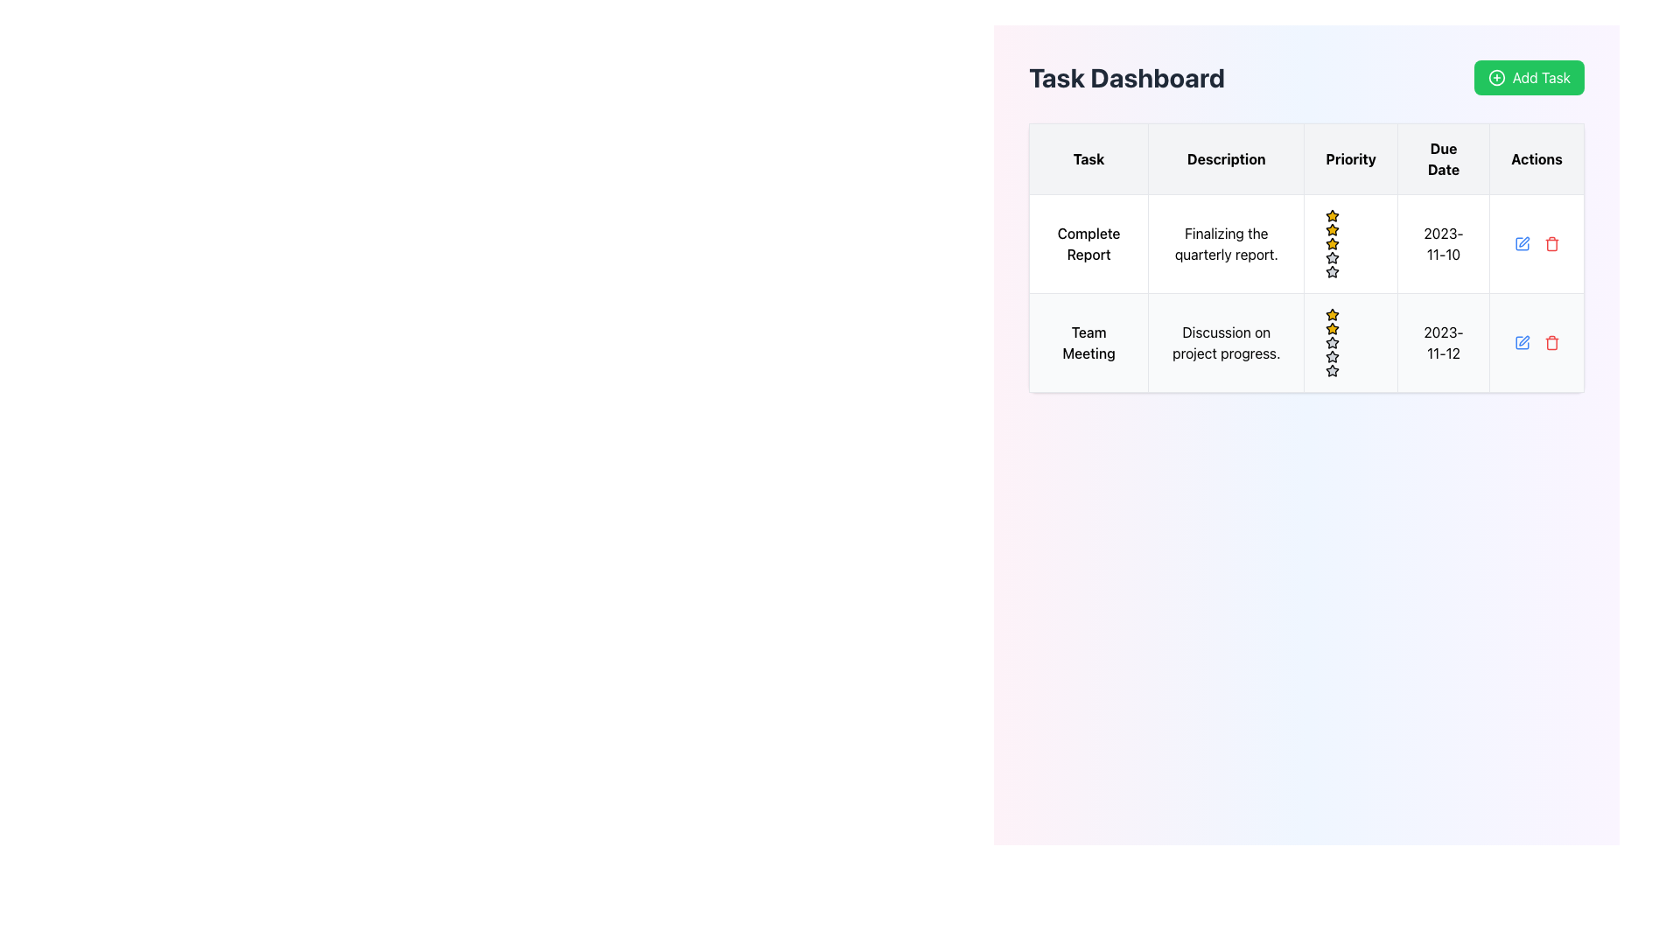 Image resolution: width=1680 pixels, height=945 pixels. I want to click on the Static text component displaying the description for the 'Team Meeting' task, located in the second cell under the 'Description' column in the second row of the table, so click(1225, 343).